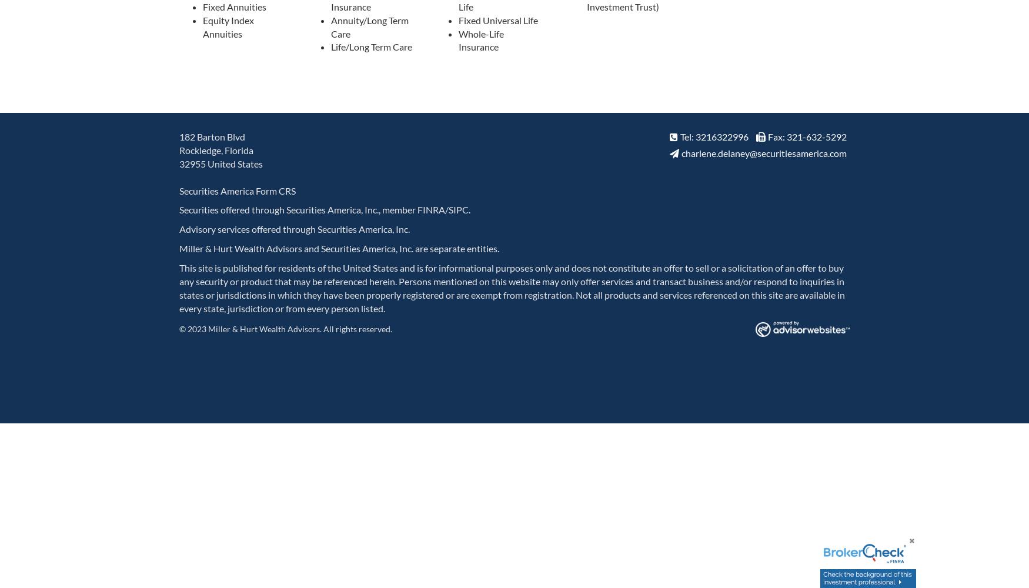 Image resolution: width=1029 pixels, height=588 pixels. What do you see at coordinates (339, 248) in the screenshot?
I see `'Miller & Hurt Wealth Advisors and Securities America, Inc. are separate entities.'` at bounding box center [339, 248].